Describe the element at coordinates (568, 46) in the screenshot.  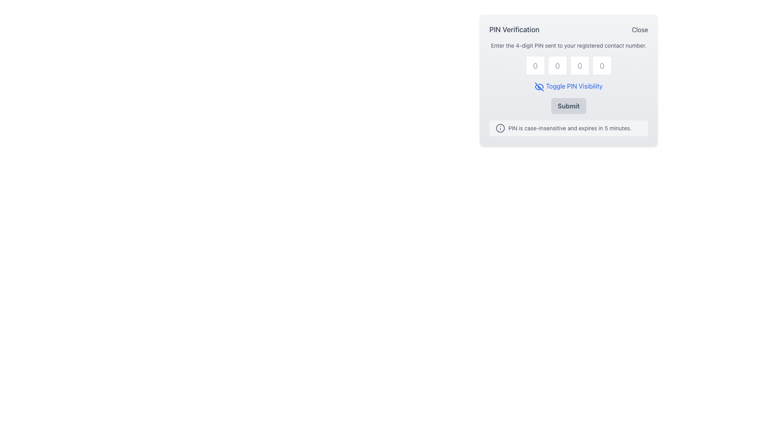
I see `instructions from the text label displaying 'Enter the 4-digit PIN sent to your registered contact number.' located under the 'PIN Verification' header` at that location.